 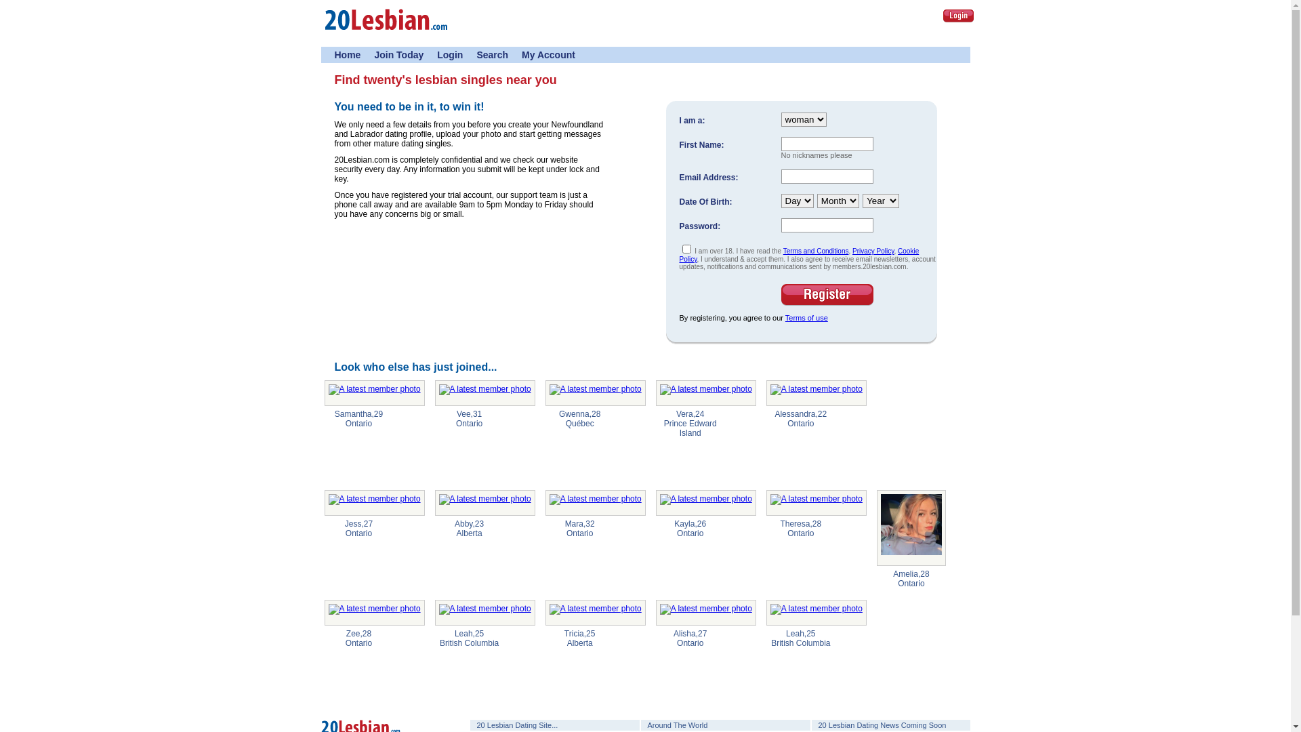 What do you see at coordinates (323, 33) in the screenshot?
I see `'20 Singles Dating'` at bounding box center [323, 33].